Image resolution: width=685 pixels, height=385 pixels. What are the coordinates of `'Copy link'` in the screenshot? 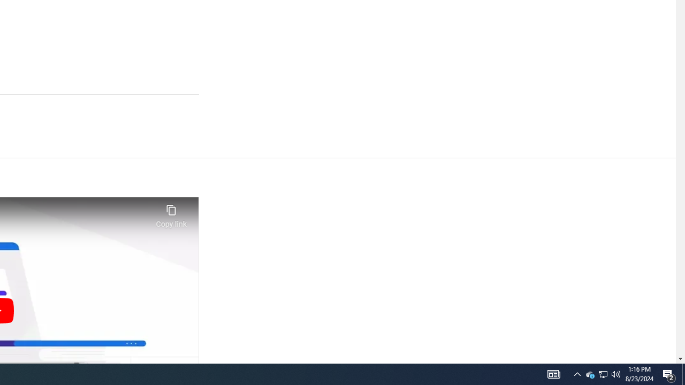 It's located at (171, 213).